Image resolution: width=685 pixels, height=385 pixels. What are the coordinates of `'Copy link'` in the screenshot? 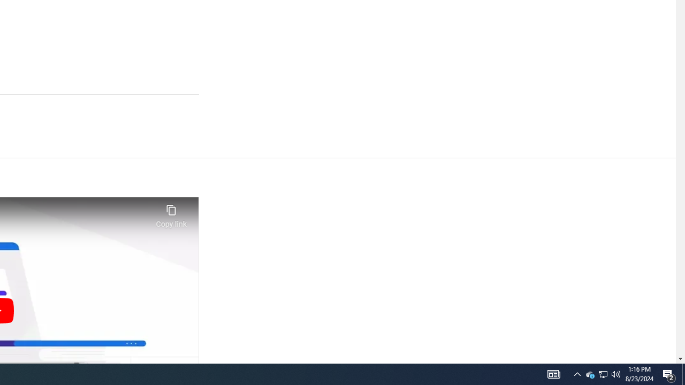 It's located at (171, 213).